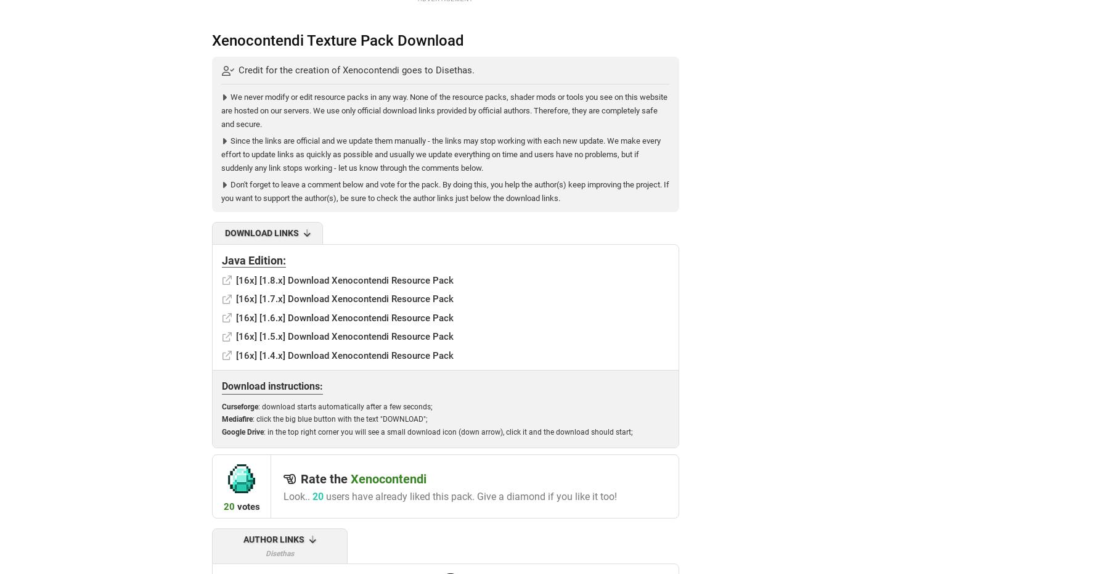 Image resolution: width=1102 pixels, height=574 pixels. I want to click on 'AUTHOR LINKS', so click(274, 539).